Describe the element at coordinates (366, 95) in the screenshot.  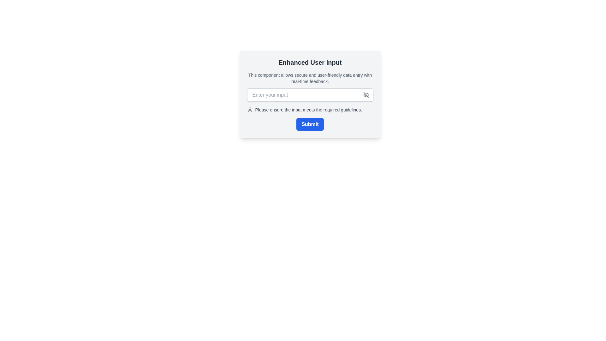
I see `the icon button located at the far right of the password input field` at that location.